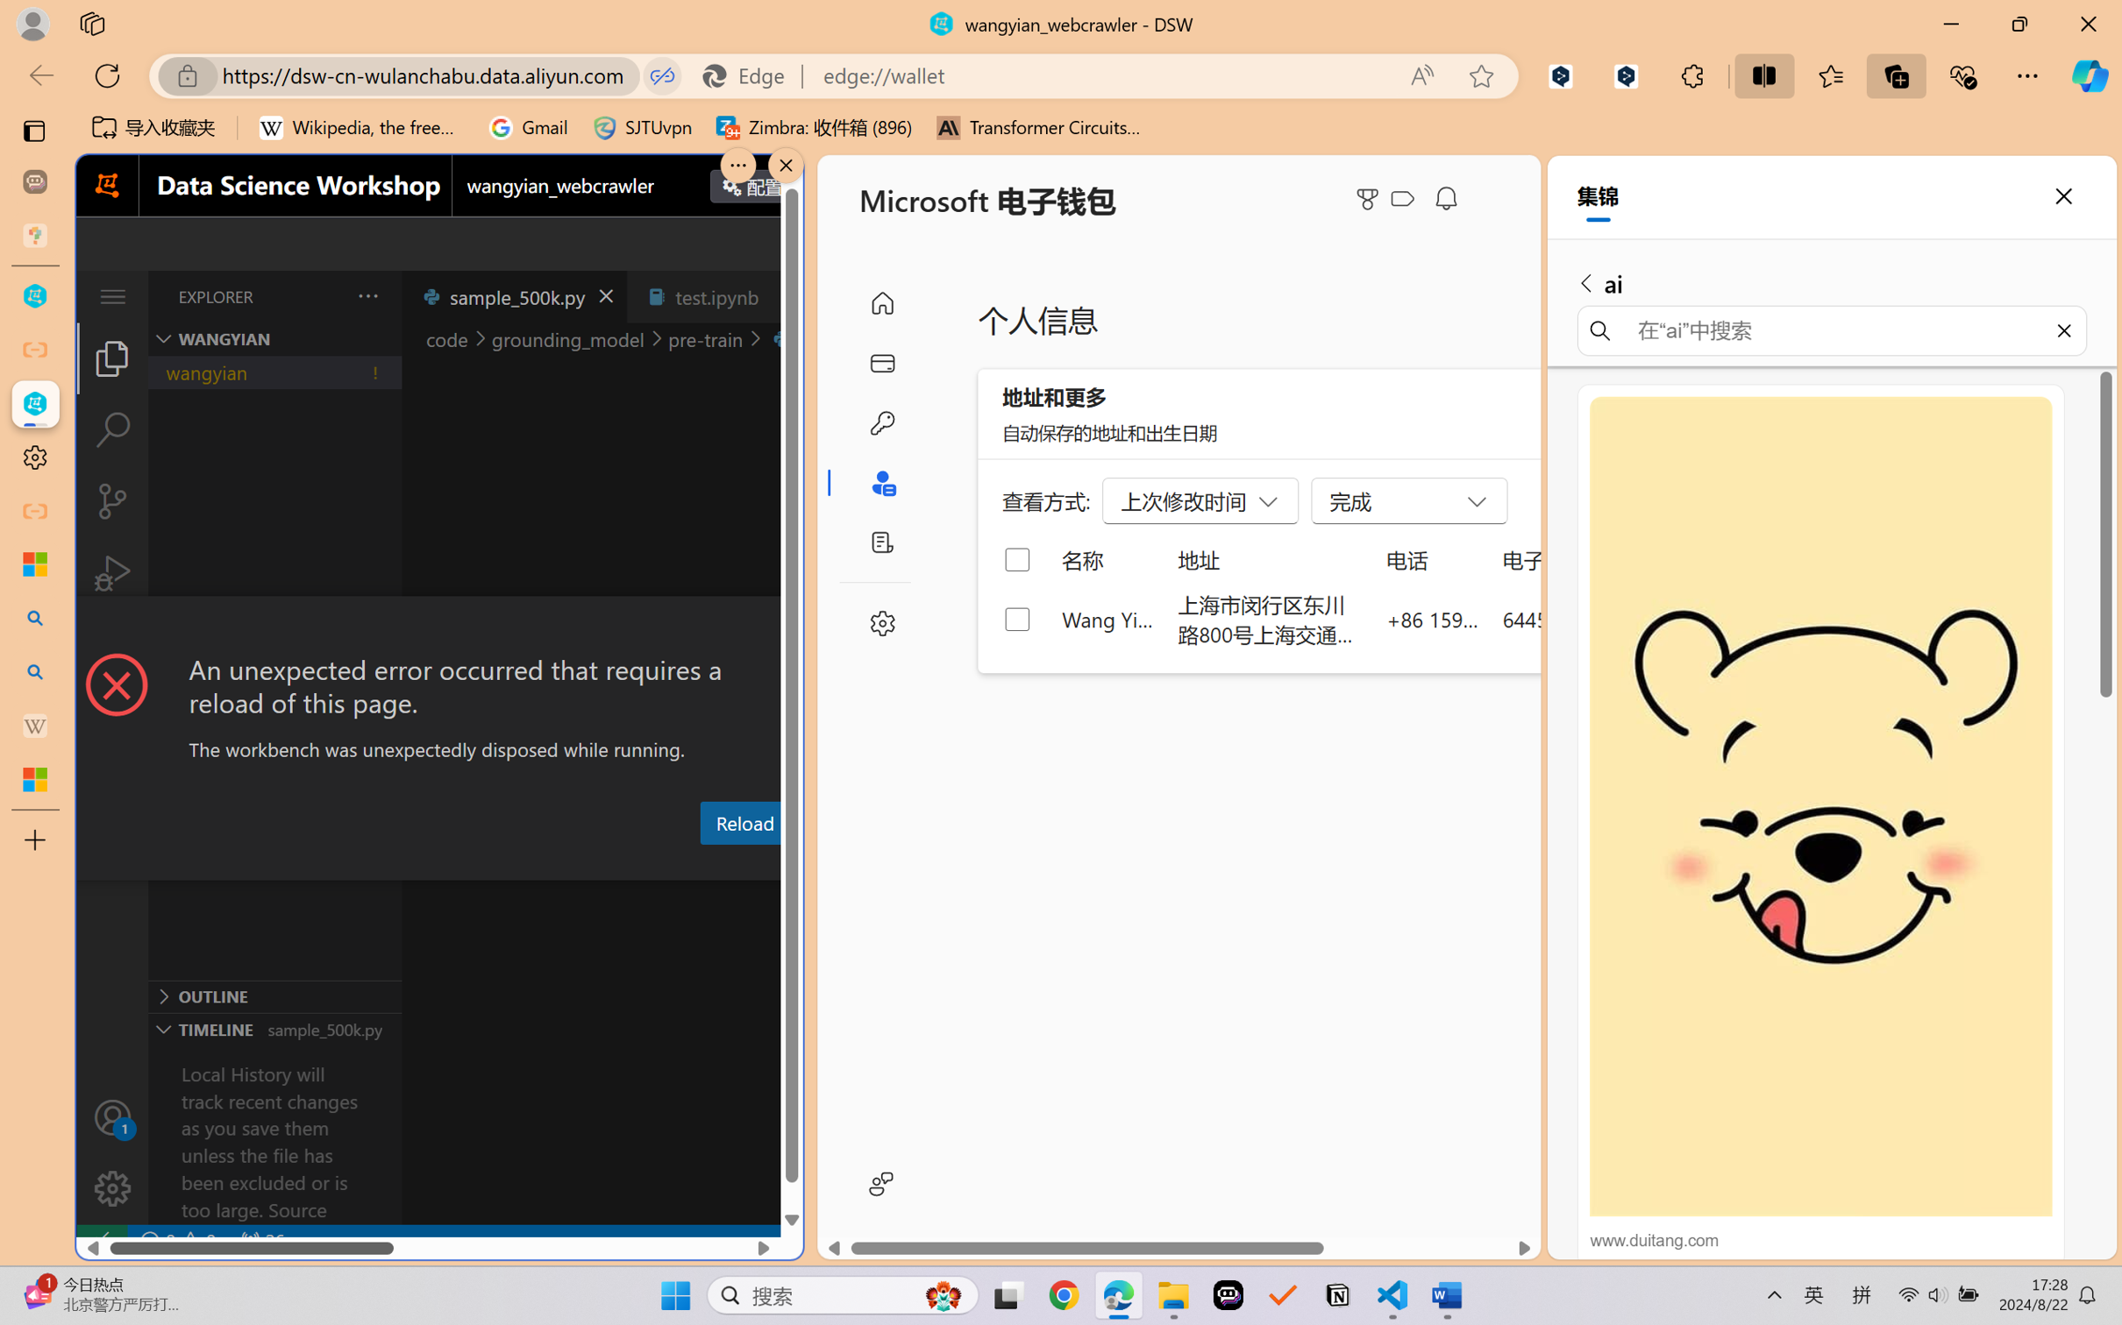 The image size is (2122, 1325). Describe the element at coordinates (111, 1116) in the screenshot. I see `'Accounts - Sign in requested'` at that location.